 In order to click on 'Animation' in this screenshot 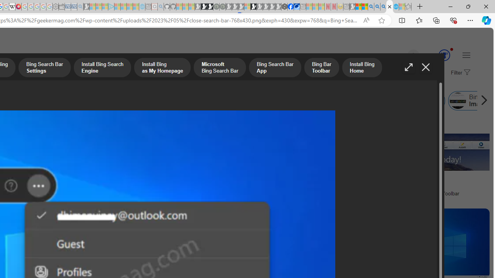, I will do `click(452, 49)`.